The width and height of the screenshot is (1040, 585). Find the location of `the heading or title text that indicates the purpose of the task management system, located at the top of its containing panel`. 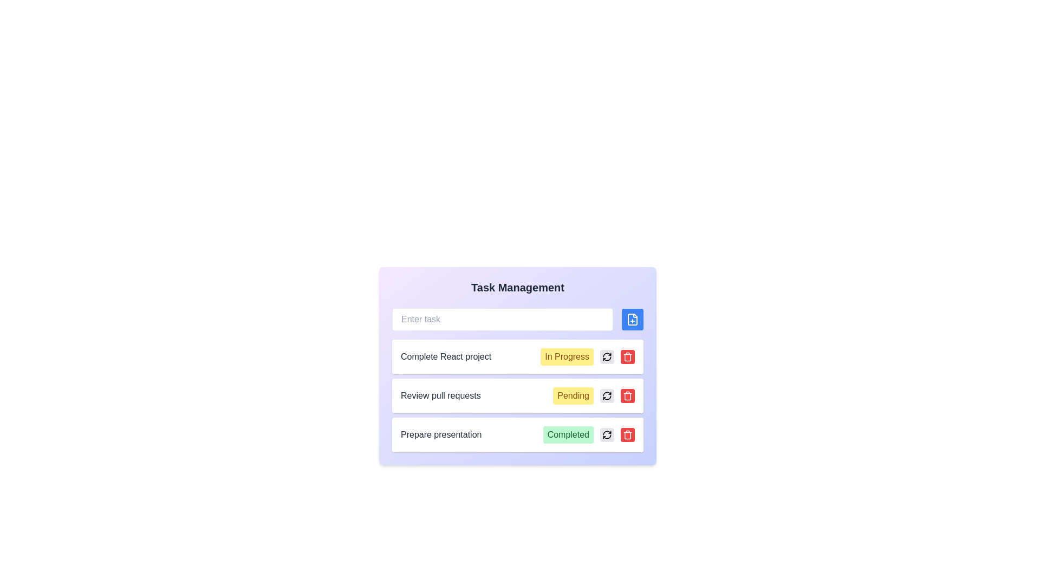

the heading or title text that indicates the purpose of the task management system, located at the top of its containing panel is located at coordinates (517, 287).